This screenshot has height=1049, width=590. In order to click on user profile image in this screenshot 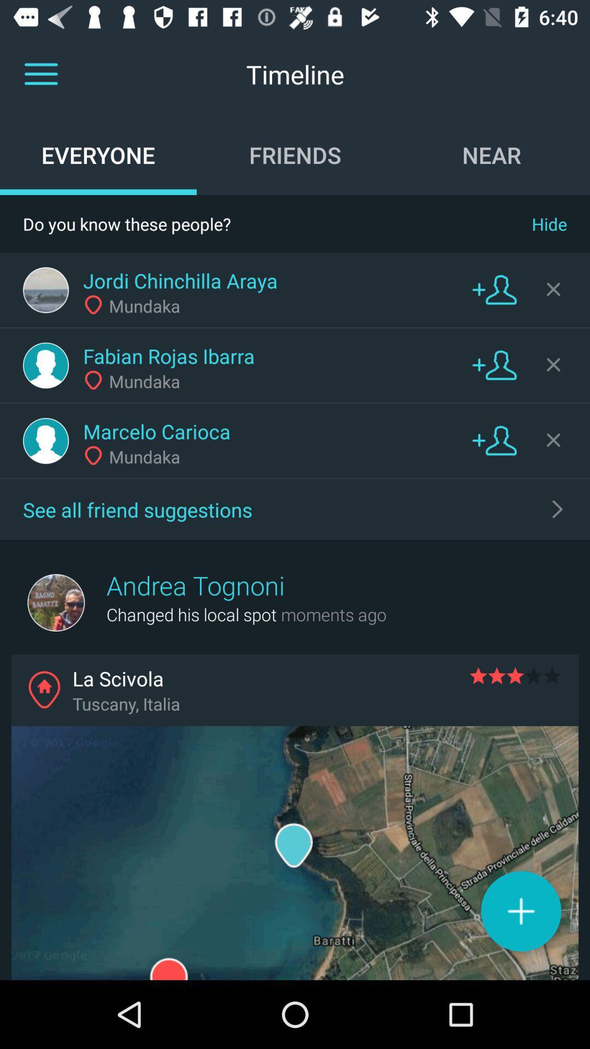, I will do `click(45, 365)`.